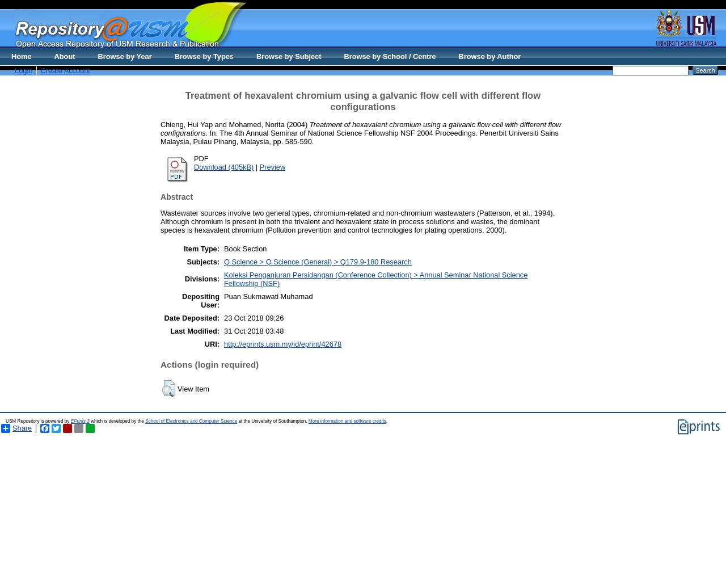  I want to click on 'Actions (login required)', so click(160, 364).